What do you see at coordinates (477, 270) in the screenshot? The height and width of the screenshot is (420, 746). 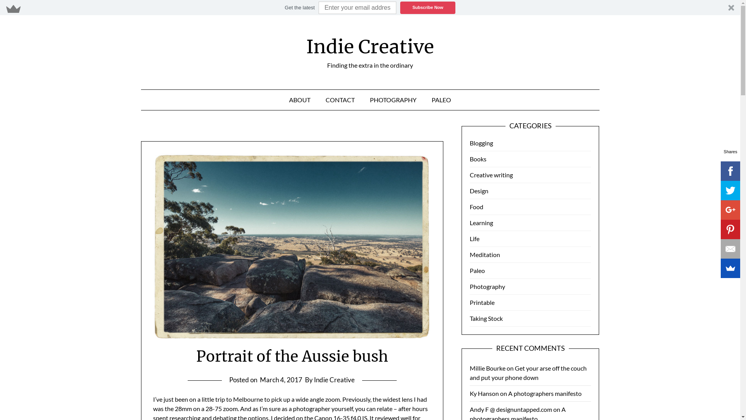 I see `'Paleo'` at bounding box center [477, 270].